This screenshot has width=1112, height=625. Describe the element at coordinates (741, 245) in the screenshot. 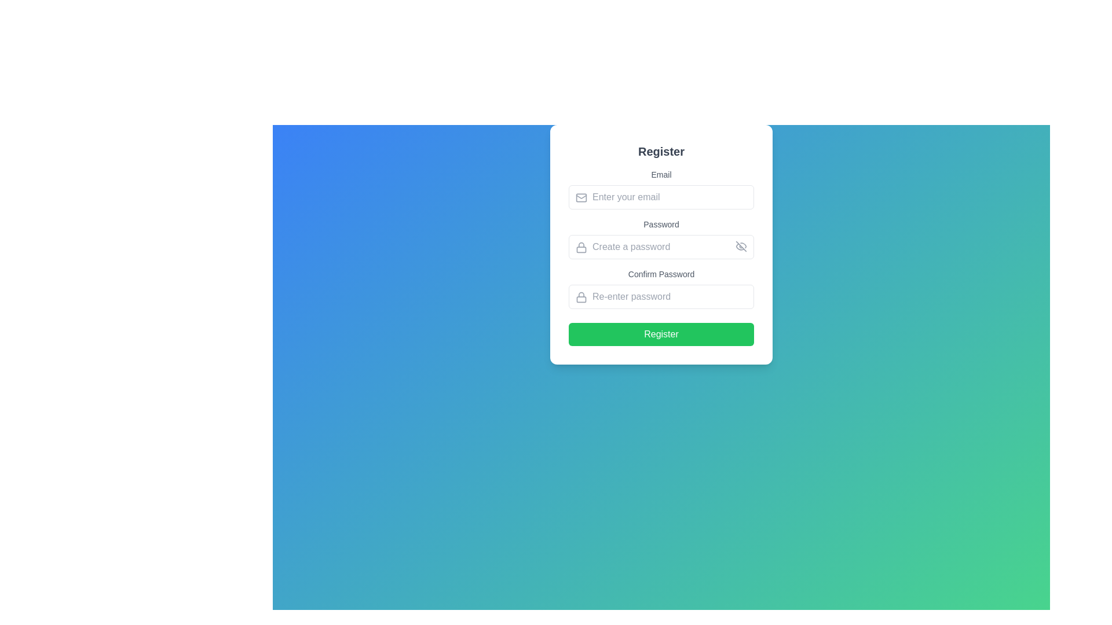

I see `the small button icon featuring a stylized eye with a slash through it, located at the top-right corner of the password input field` at that location.